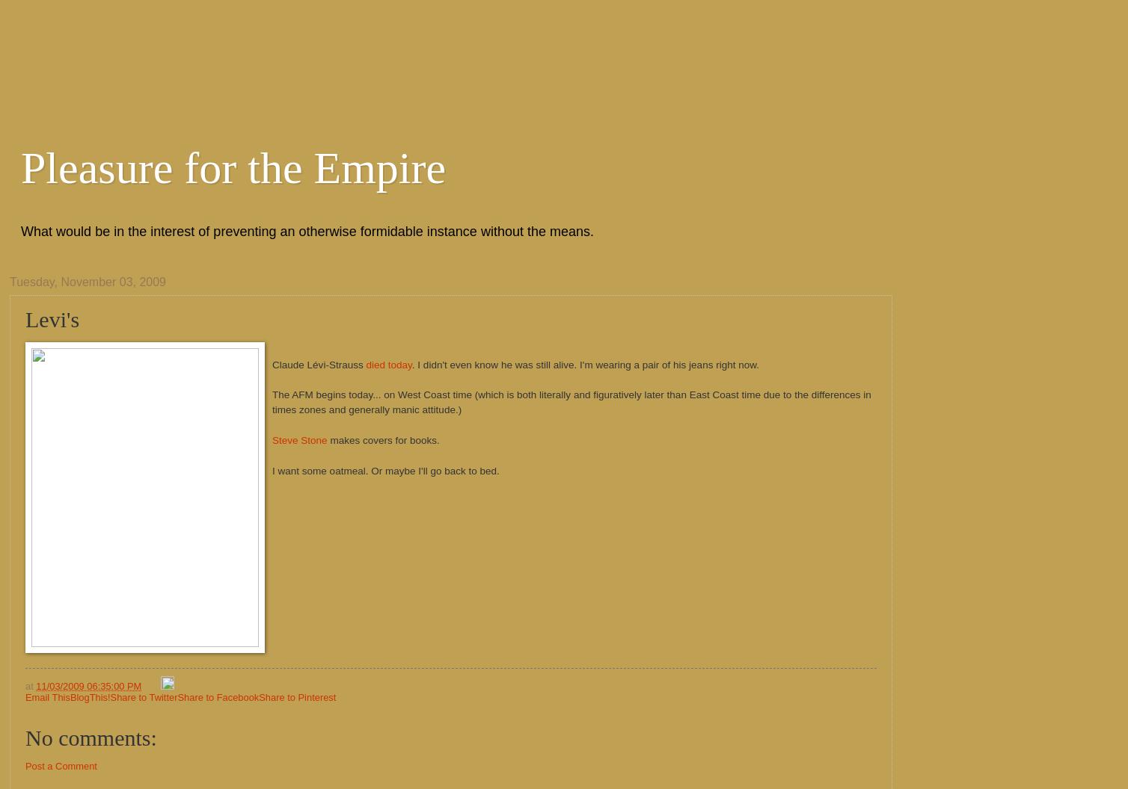 The height and width of the screenshot is (789, 1128). I want to click on 'Post a Comment', so click(61, 765).